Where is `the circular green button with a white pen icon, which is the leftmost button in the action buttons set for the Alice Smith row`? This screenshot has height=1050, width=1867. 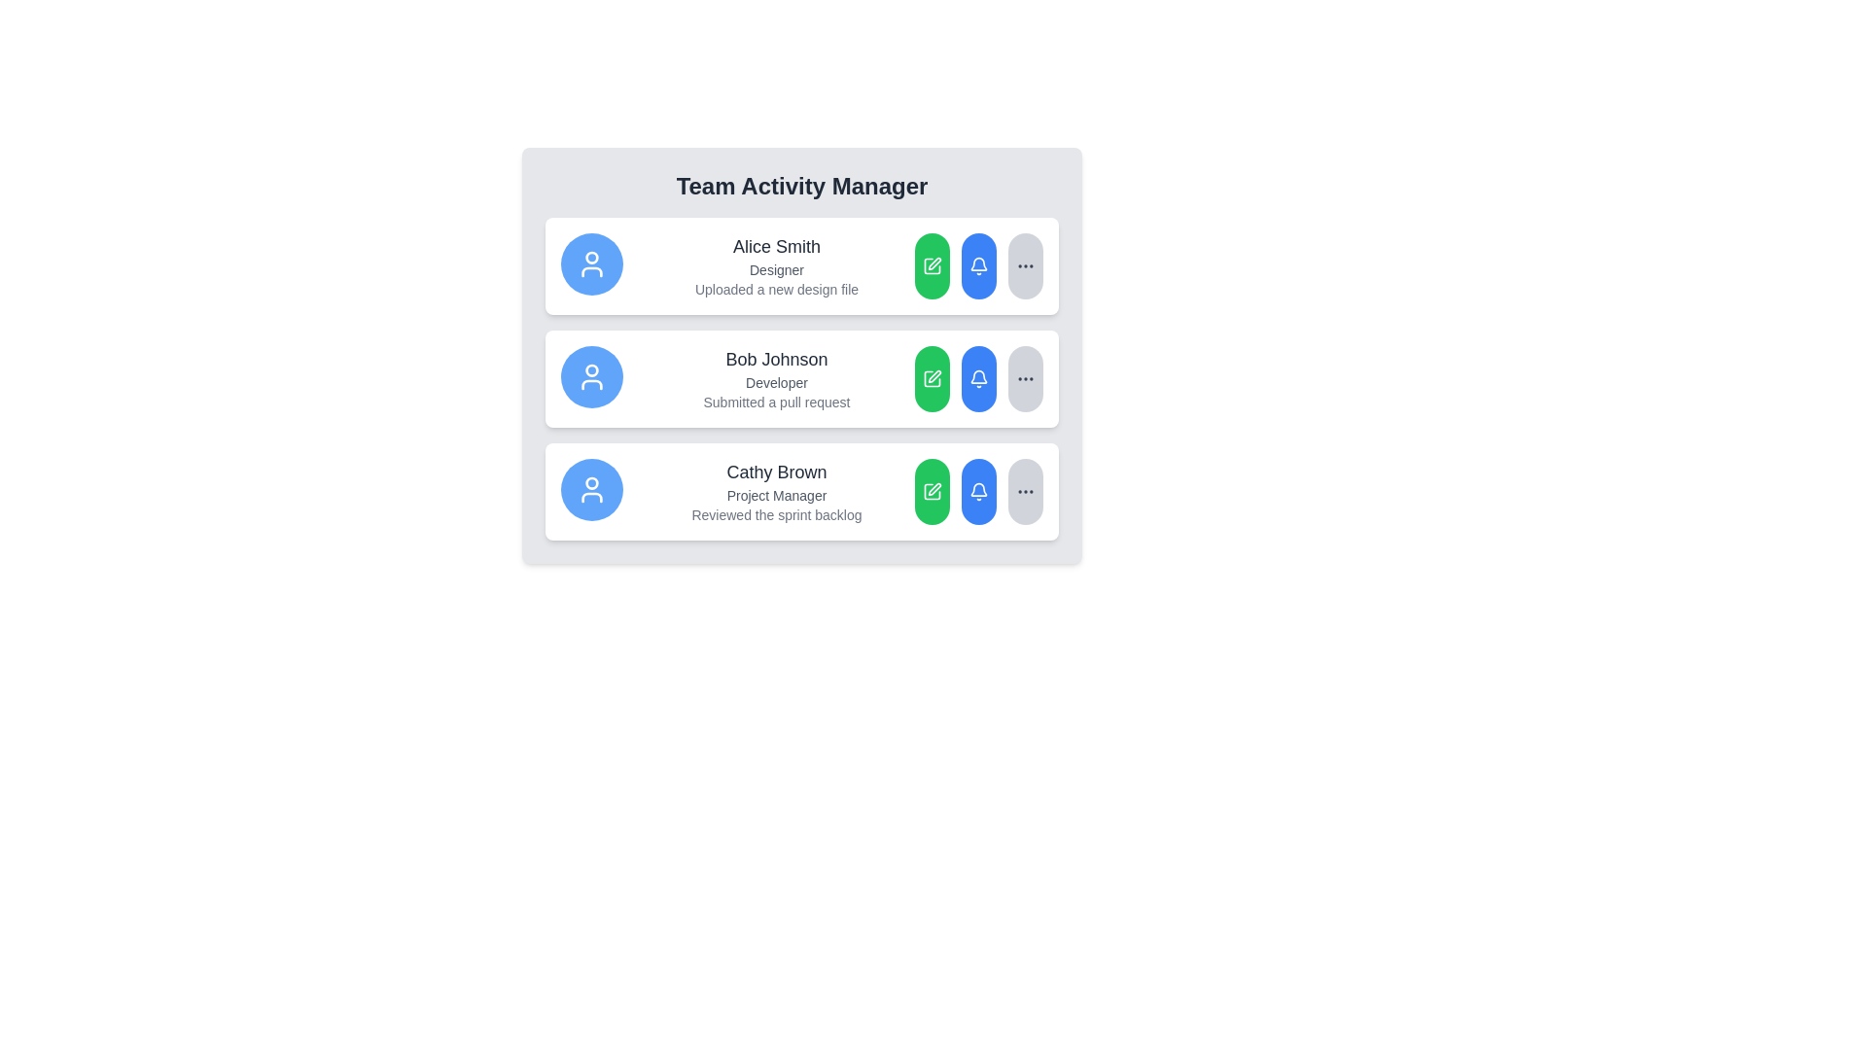 the circular green button with a white pen icon, which is the leftmost button in the action buttons set for the Alice Smith row is located at coordinates (932, 265).